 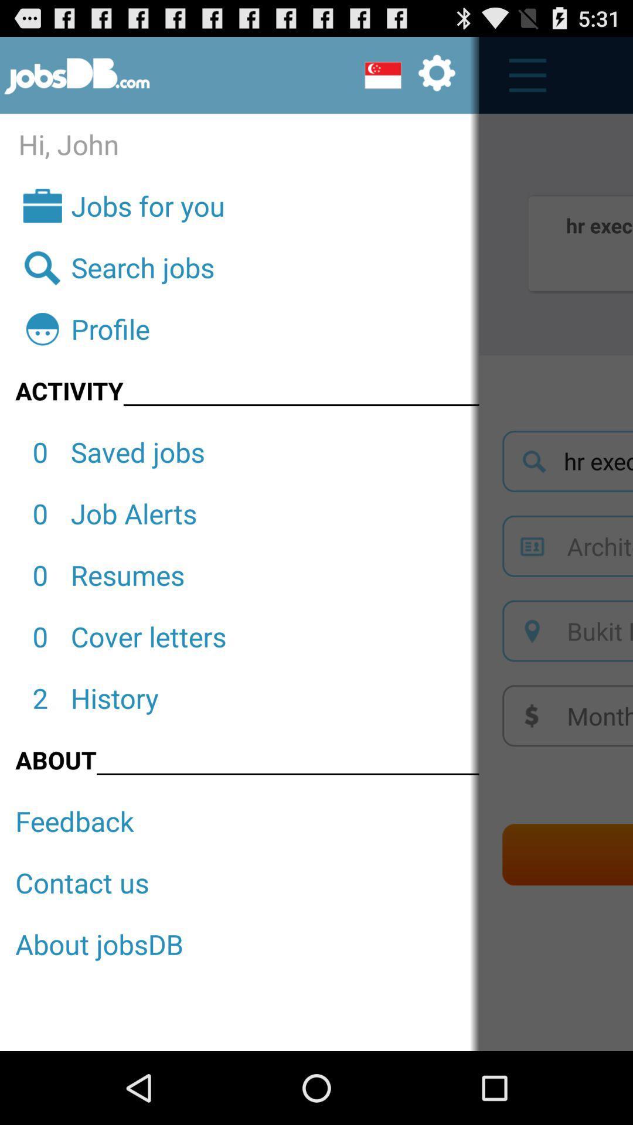 I want to click on the menu icon, so click(x=520, y=80).